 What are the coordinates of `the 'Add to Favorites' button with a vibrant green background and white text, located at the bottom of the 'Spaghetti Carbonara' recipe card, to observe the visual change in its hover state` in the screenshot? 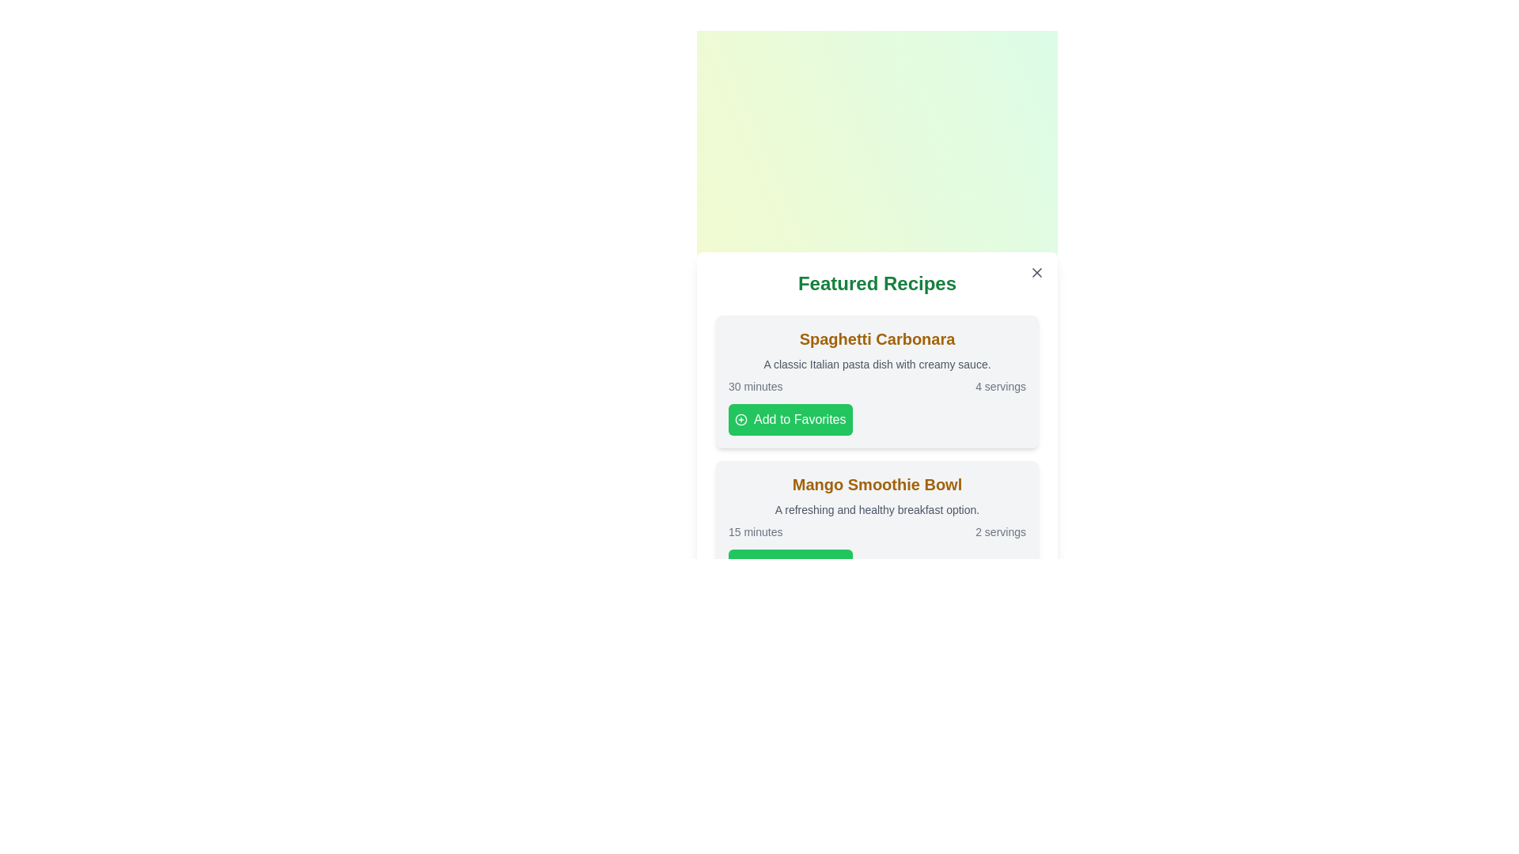 It's located at (790, 419).